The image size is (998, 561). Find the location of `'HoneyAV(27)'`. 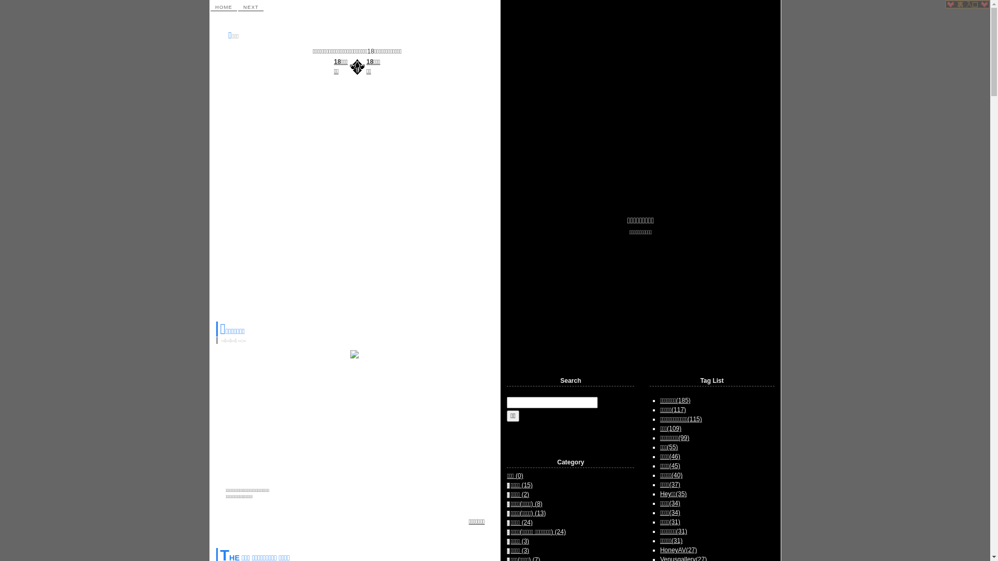

'HoneyAV(27)' is located at coordinates (660, 550).